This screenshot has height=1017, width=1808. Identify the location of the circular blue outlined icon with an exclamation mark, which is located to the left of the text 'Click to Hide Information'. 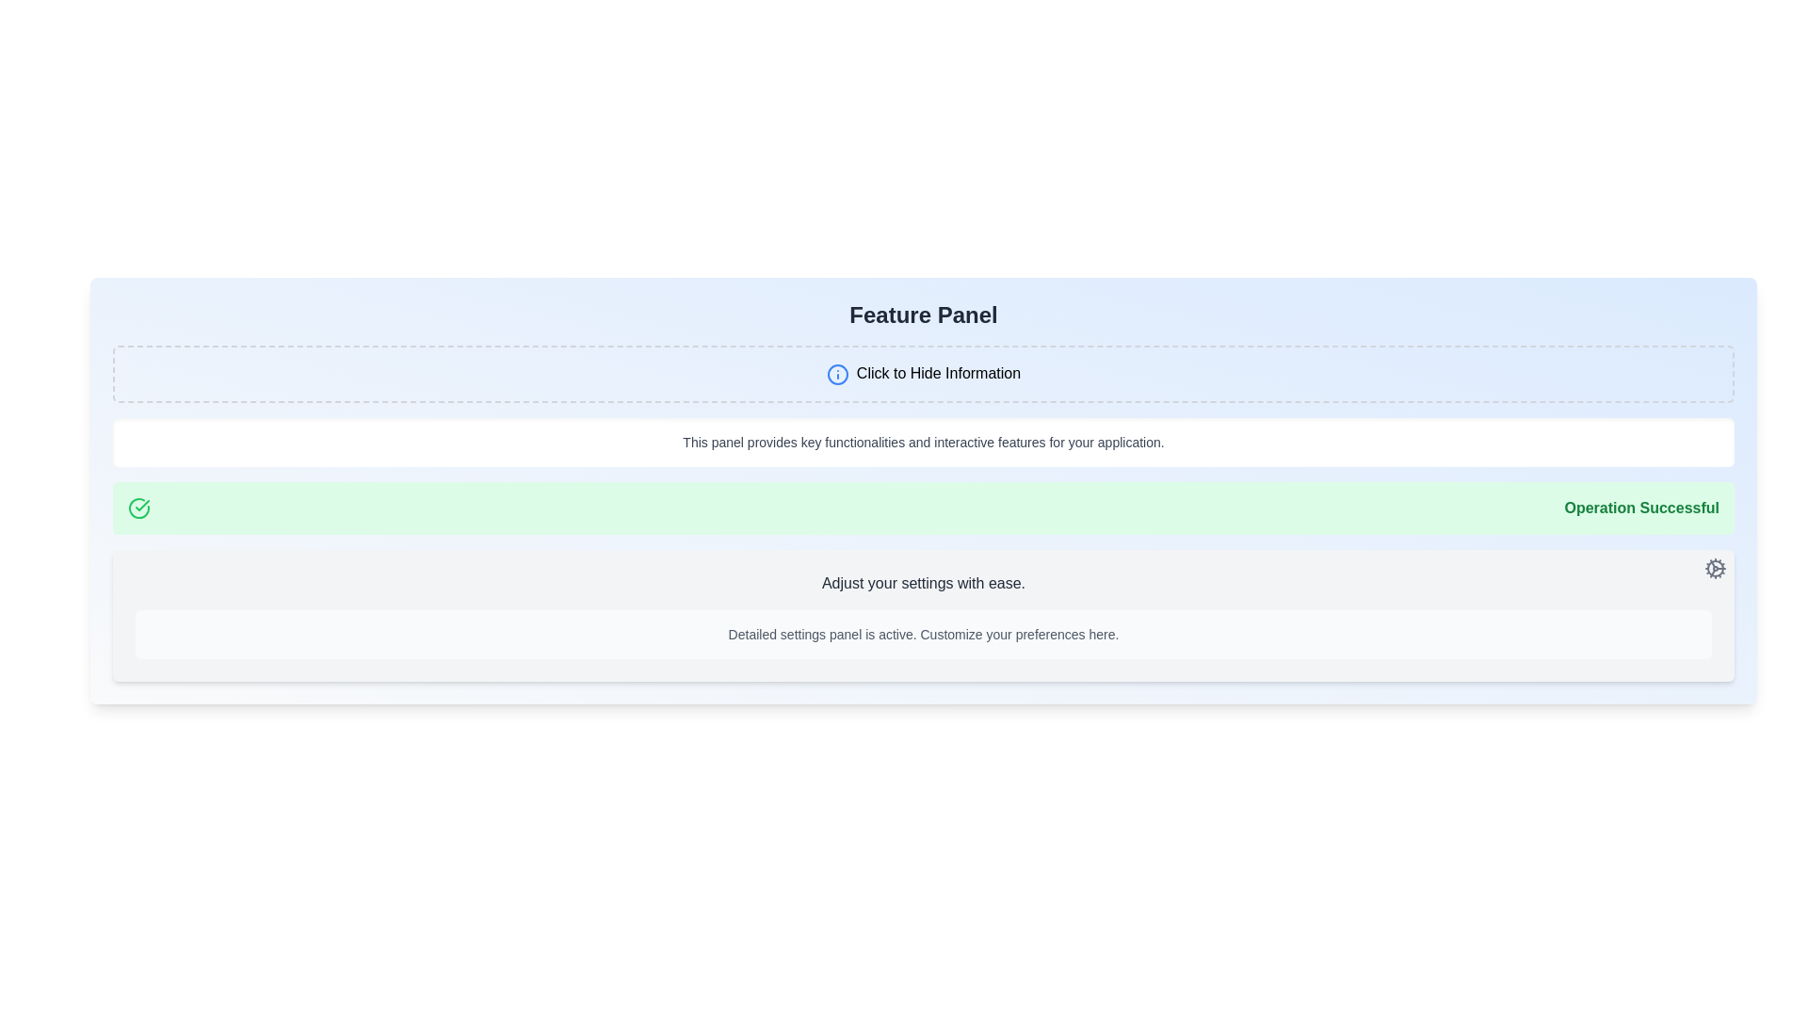
(836, 374).